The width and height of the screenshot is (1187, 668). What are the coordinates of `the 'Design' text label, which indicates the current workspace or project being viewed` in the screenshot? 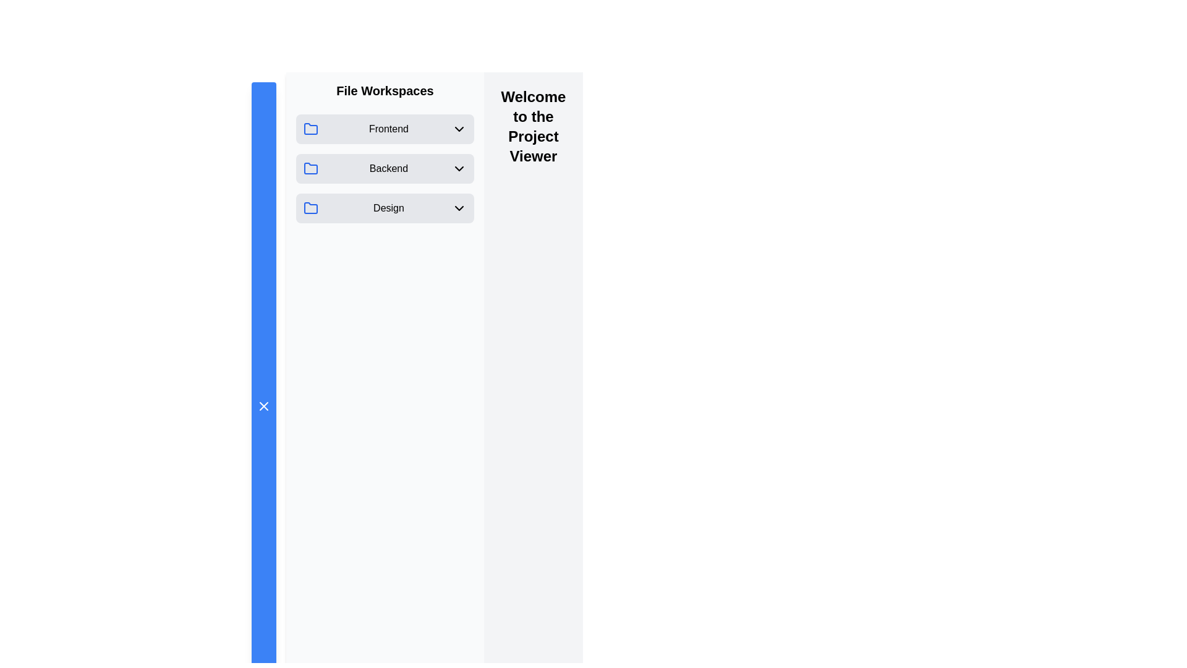 It's located at (388, 207).